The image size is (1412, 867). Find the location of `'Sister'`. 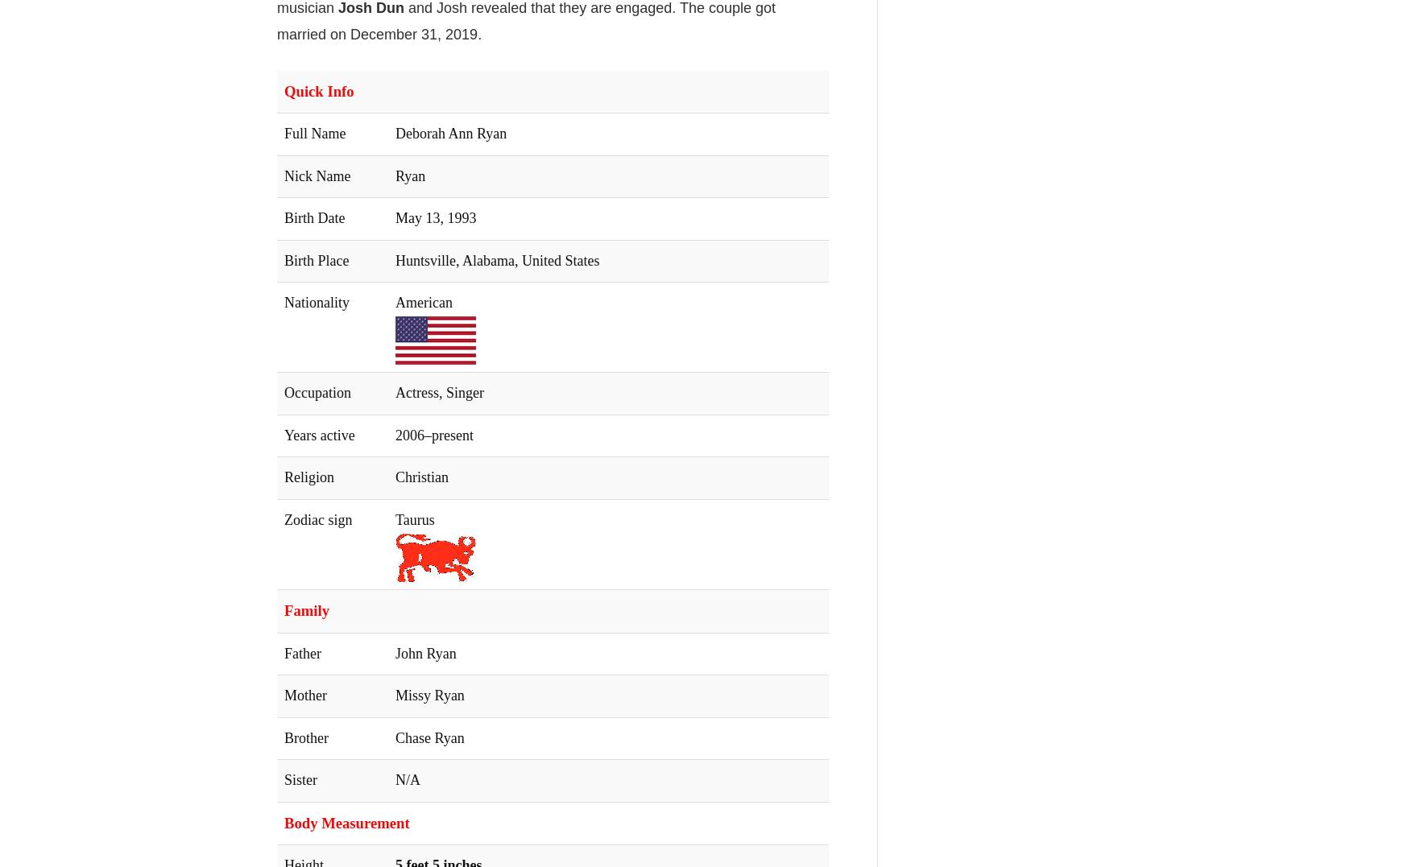

'Sister' is located at coordinates (300, 779).